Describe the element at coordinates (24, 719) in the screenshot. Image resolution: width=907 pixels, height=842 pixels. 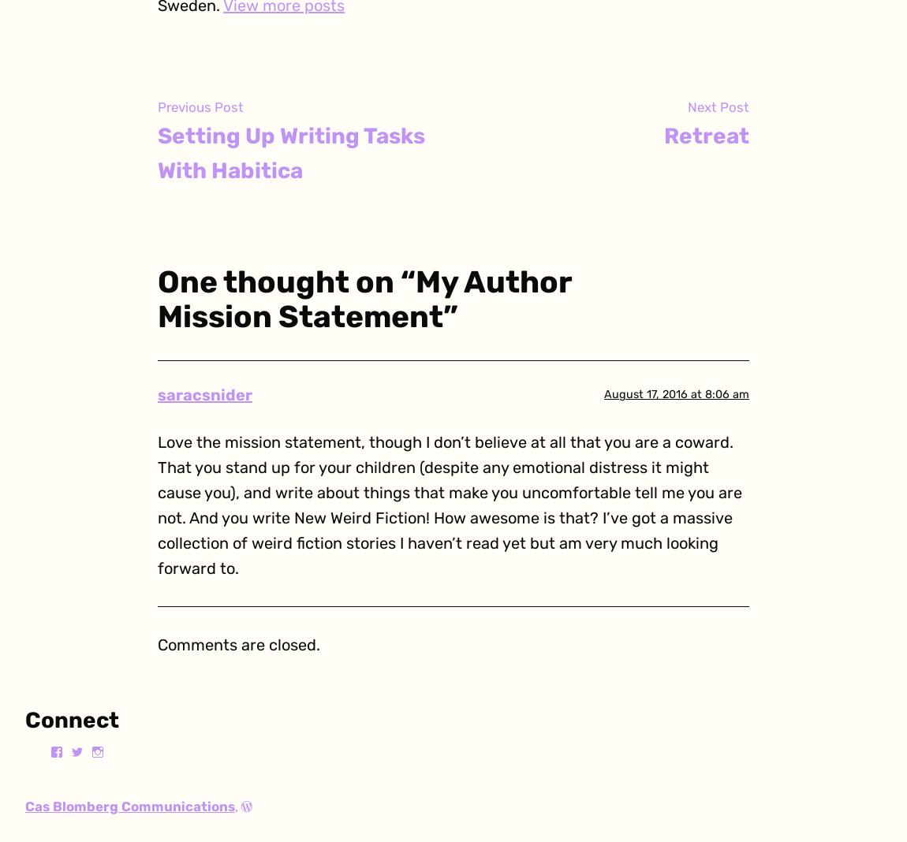
I see `'Connect'` at that location.